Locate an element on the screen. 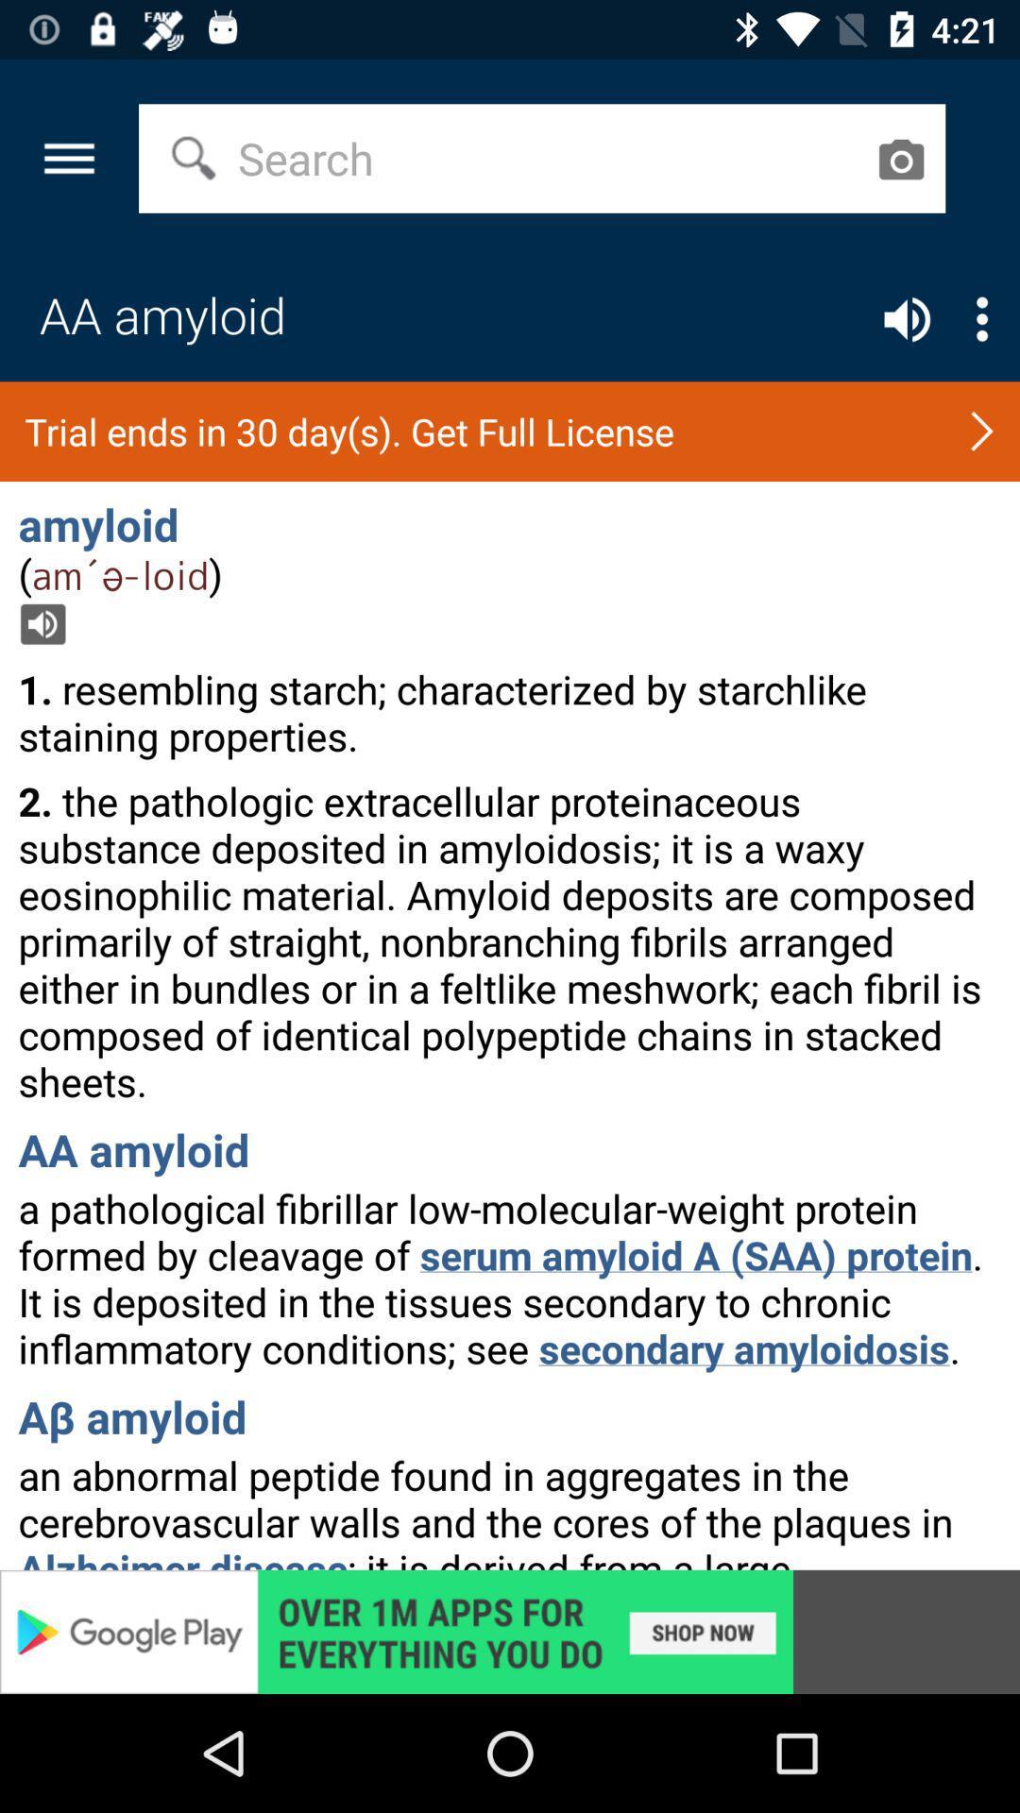  search by taking a picture is located at coordinates (899, 159).